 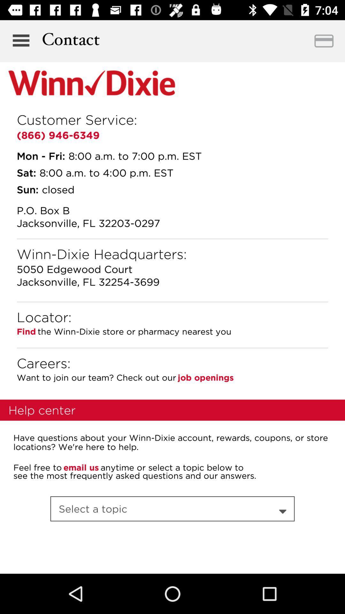 I want to click on icon below the mon - fri:, so click(x=26, y=172).